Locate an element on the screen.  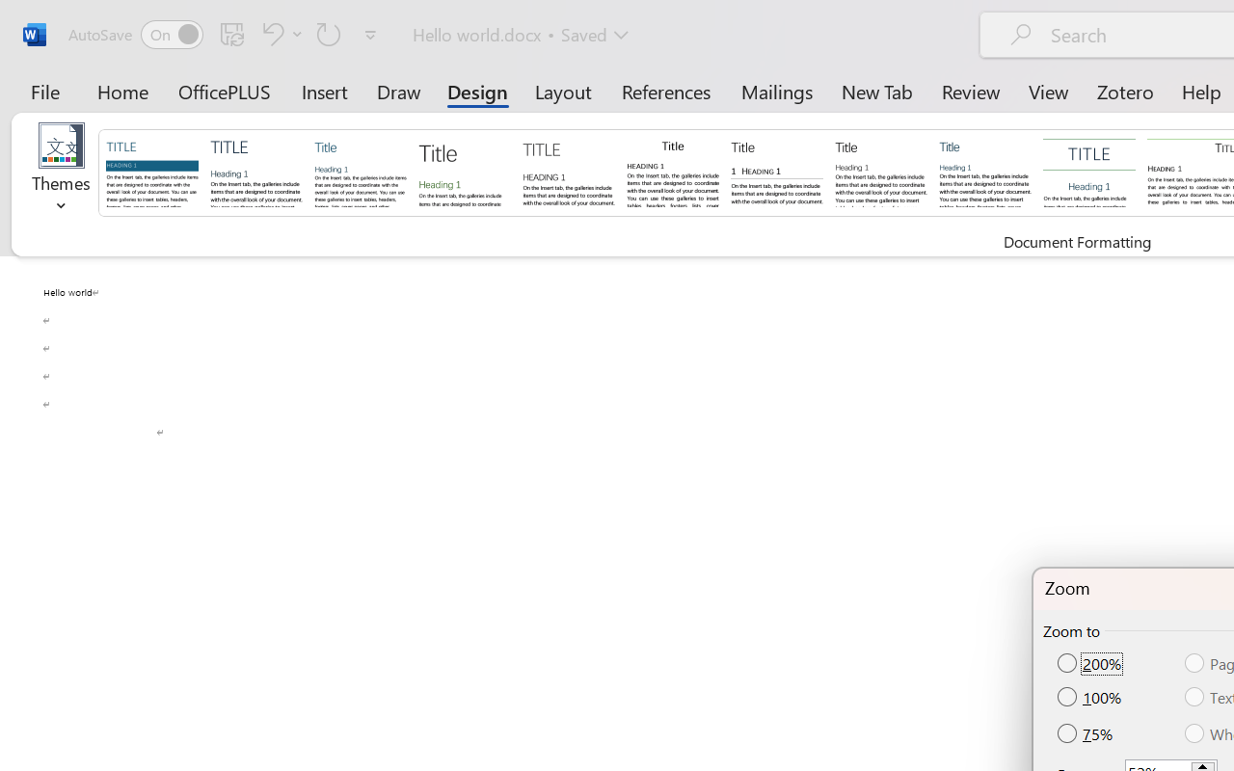
'Basic (Elegant)' is located at coordinates (255, 171).